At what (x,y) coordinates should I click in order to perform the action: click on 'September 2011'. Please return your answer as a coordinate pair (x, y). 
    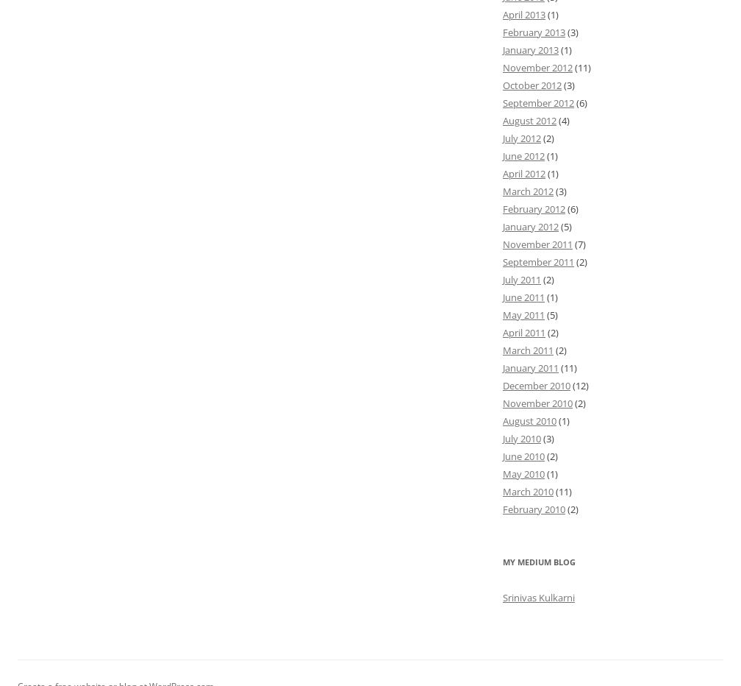
    Looking at the image, I should click on (538, 260).